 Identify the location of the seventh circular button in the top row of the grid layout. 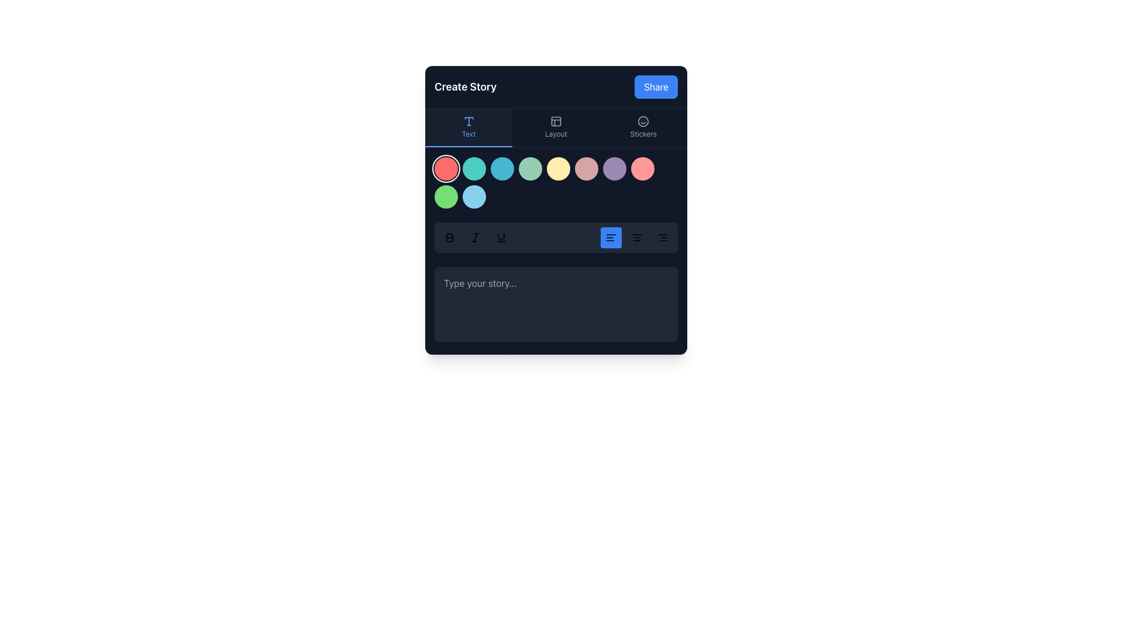
(614, 169).